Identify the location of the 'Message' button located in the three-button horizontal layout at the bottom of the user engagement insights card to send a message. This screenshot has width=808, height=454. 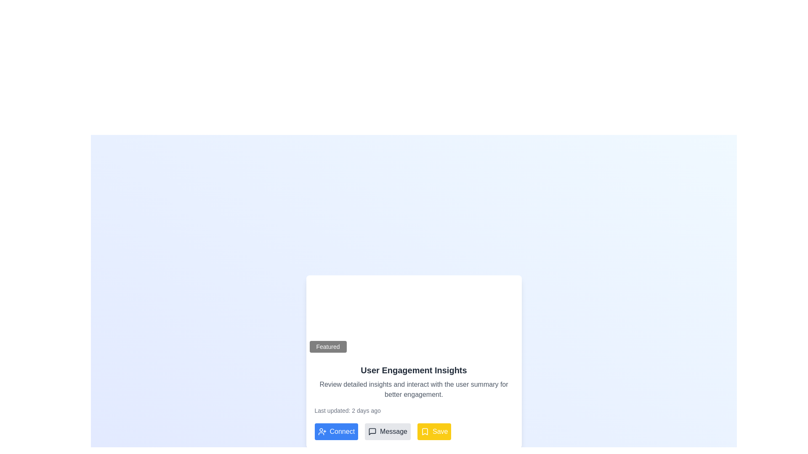
(414, 431).